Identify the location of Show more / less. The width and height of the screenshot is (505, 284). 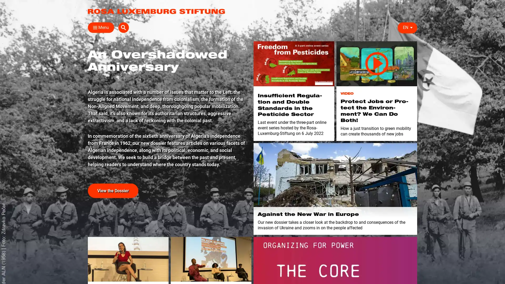
(303, 95).